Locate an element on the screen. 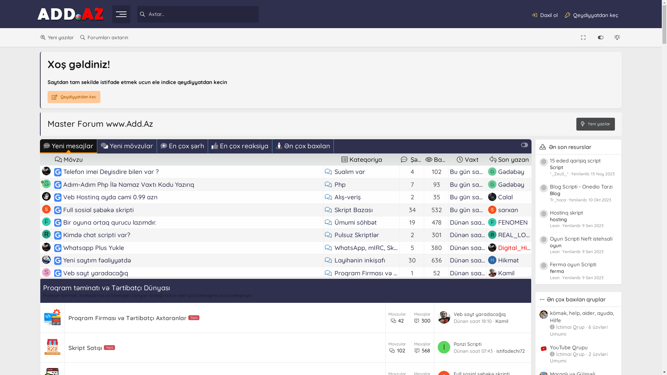 The height and width of the screenshot is (375, 667). 'Digital_History' is located at coordinates (520, 247).